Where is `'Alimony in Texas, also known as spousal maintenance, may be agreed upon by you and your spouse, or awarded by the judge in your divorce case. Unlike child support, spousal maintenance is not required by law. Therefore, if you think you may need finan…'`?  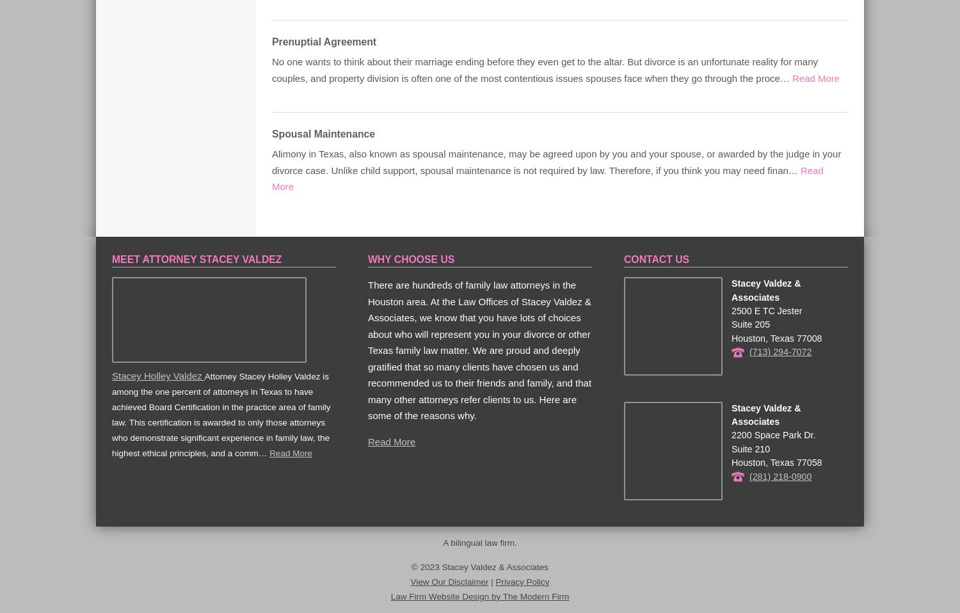 'Alimony in Texas, also known as spousal maintenance, may be agreed upon by you and your spouse, or awarded by the judge in your divorce case. Unlike child support, spousal maintenance is not required by law. Therefore, if you think you may need finan…' is located at coordinates (556, 162).